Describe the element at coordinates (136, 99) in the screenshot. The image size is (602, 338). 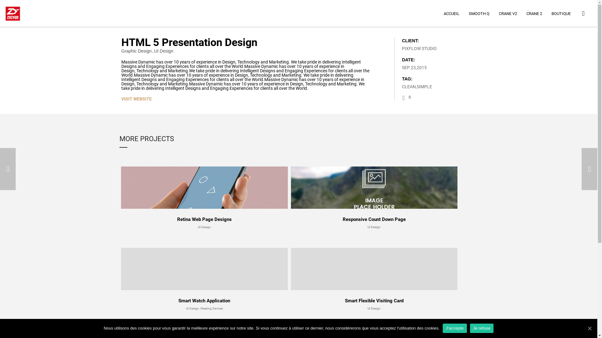
I see `'VISIT WEBSITE'` at that location.